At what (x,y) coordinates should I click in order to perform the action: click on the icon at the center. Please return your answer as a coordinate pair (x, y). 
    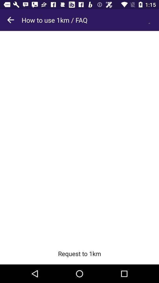
    Looking at the image, I should click on (79, 137).